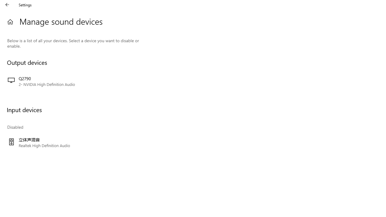 The image size is (386, 217). Describe the element at coordinates (7, 5) in the screenshot. I see `'Back'` at that location.